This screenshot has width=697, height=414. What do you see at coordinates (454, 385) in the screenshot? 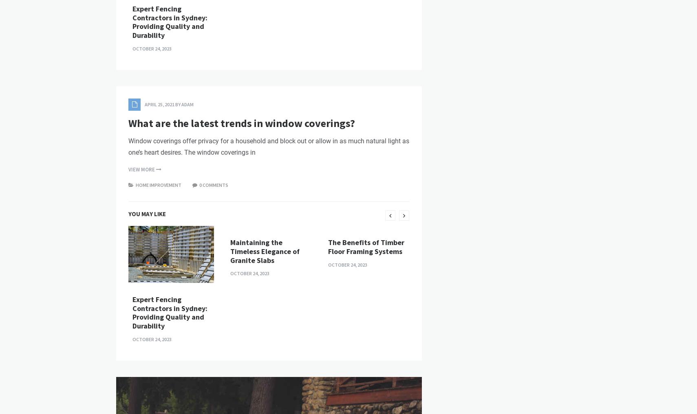
I see `'Hottest Furniture Designs of 2021'` at bounding box center [454, 385].